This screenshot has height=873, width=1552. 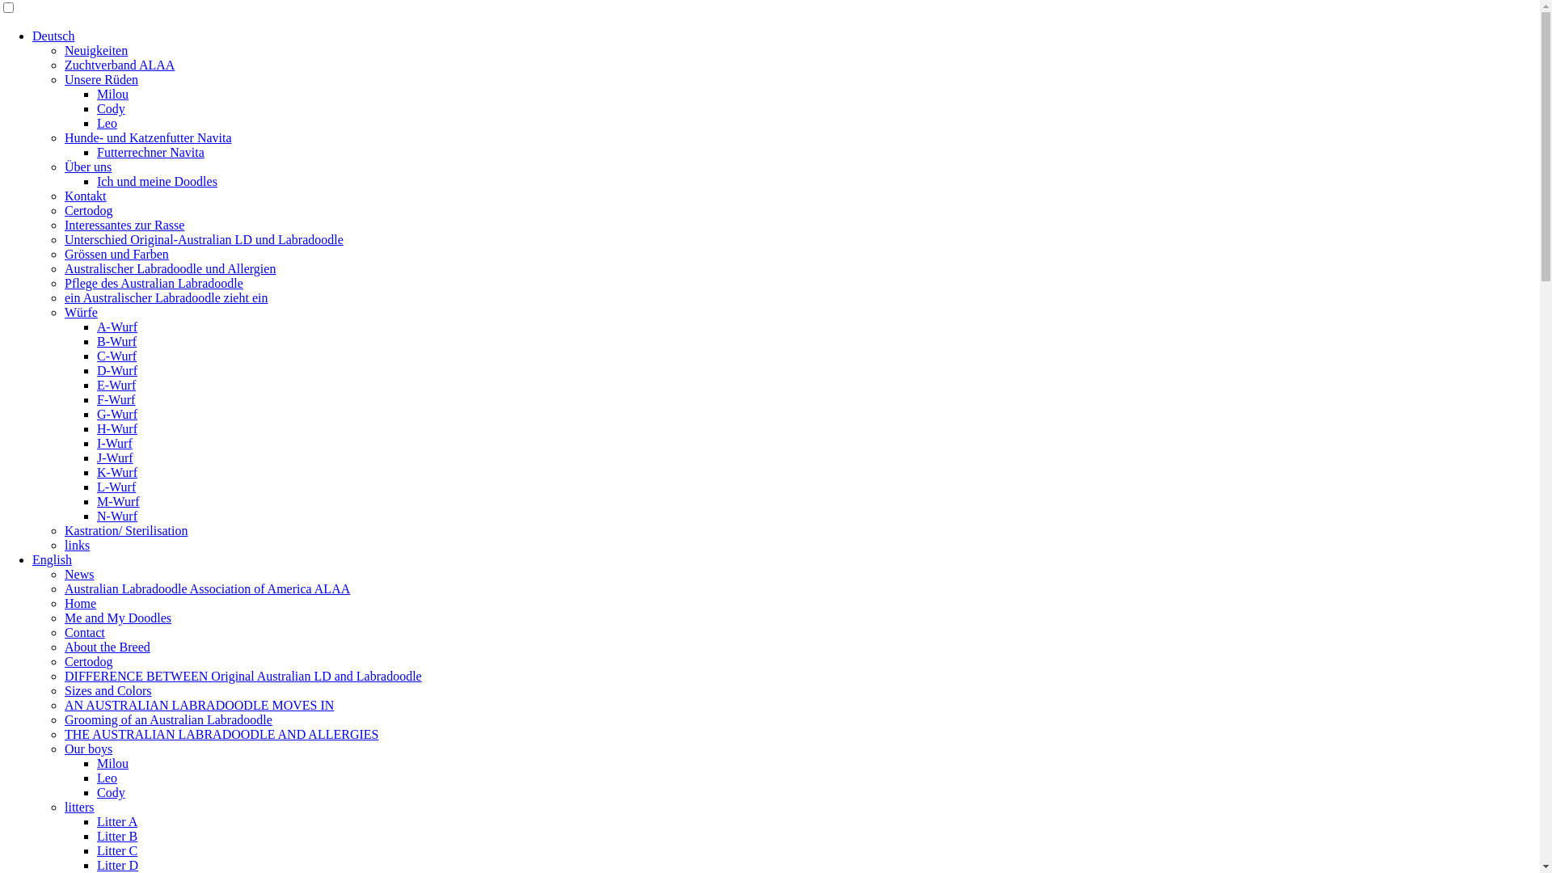 I want to click on 'I-Wurf', so click(x=114, y=443).